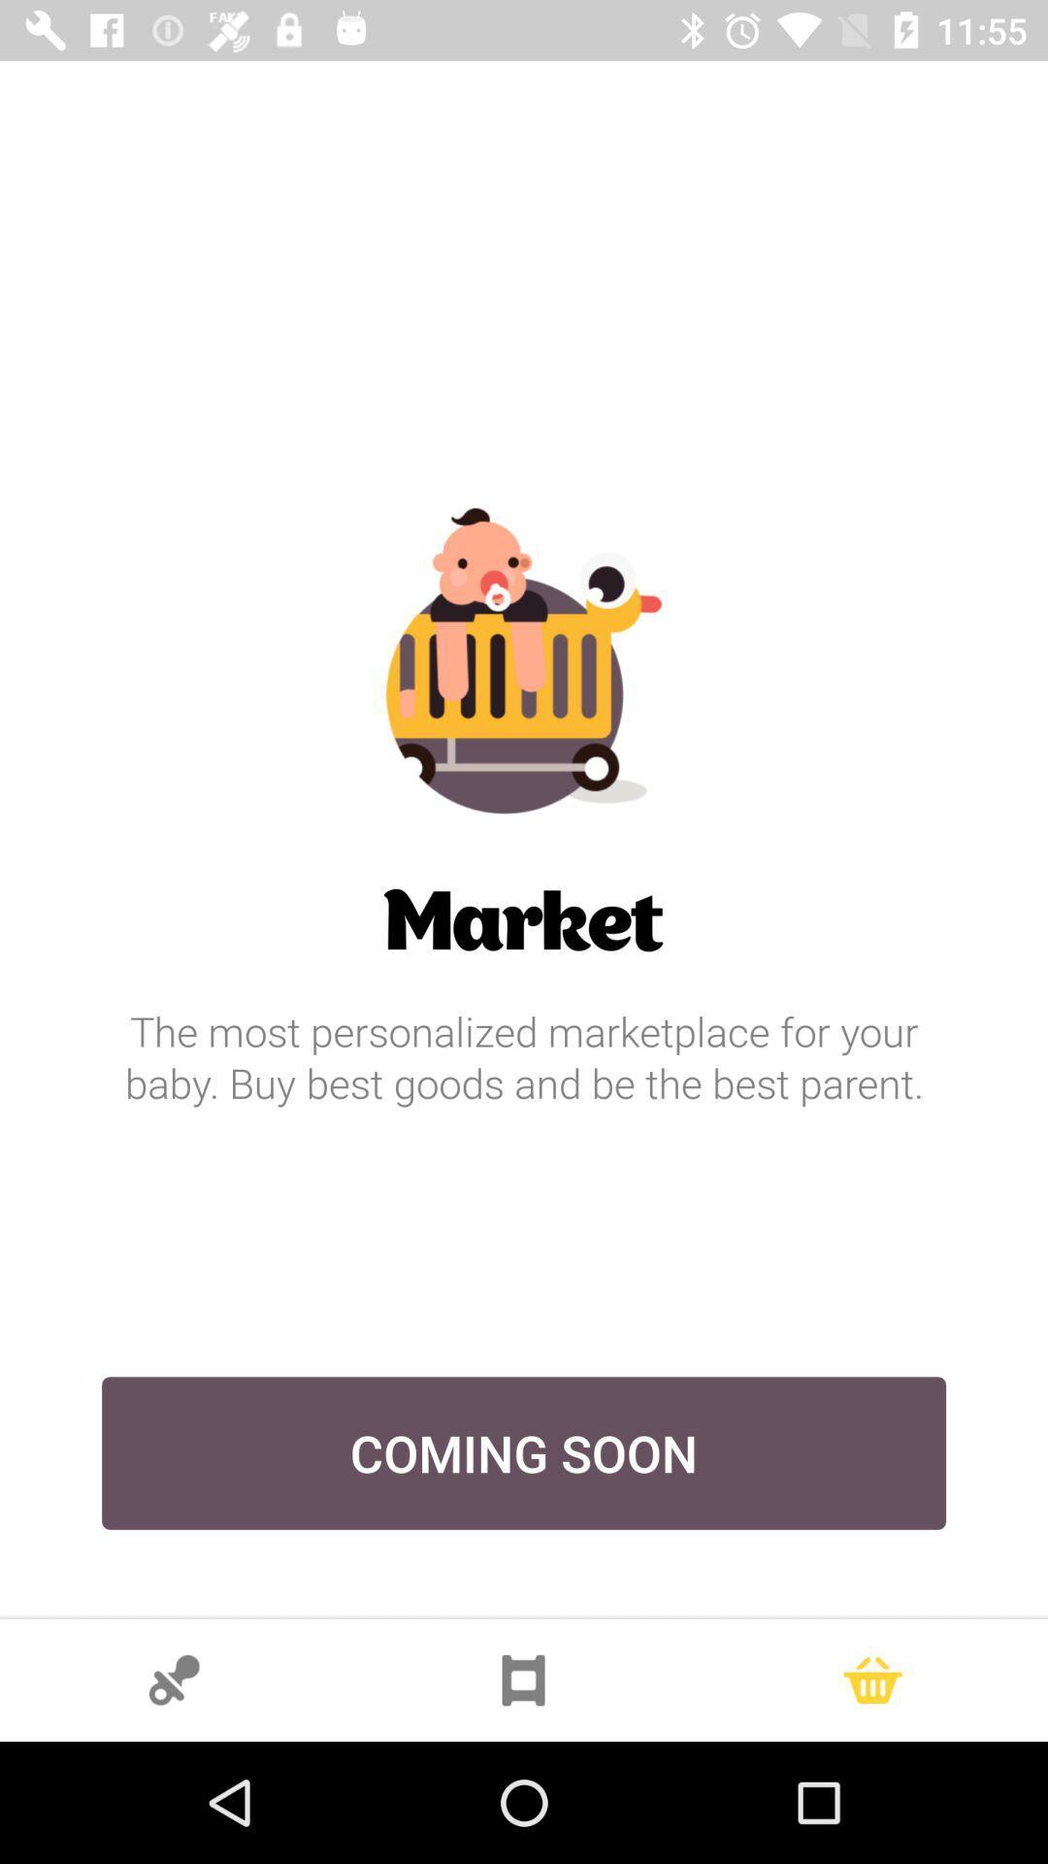 The height and width of the screenshot is (1864, 1048). I want to click on item below the most personalized icon, so click(524, 1453).